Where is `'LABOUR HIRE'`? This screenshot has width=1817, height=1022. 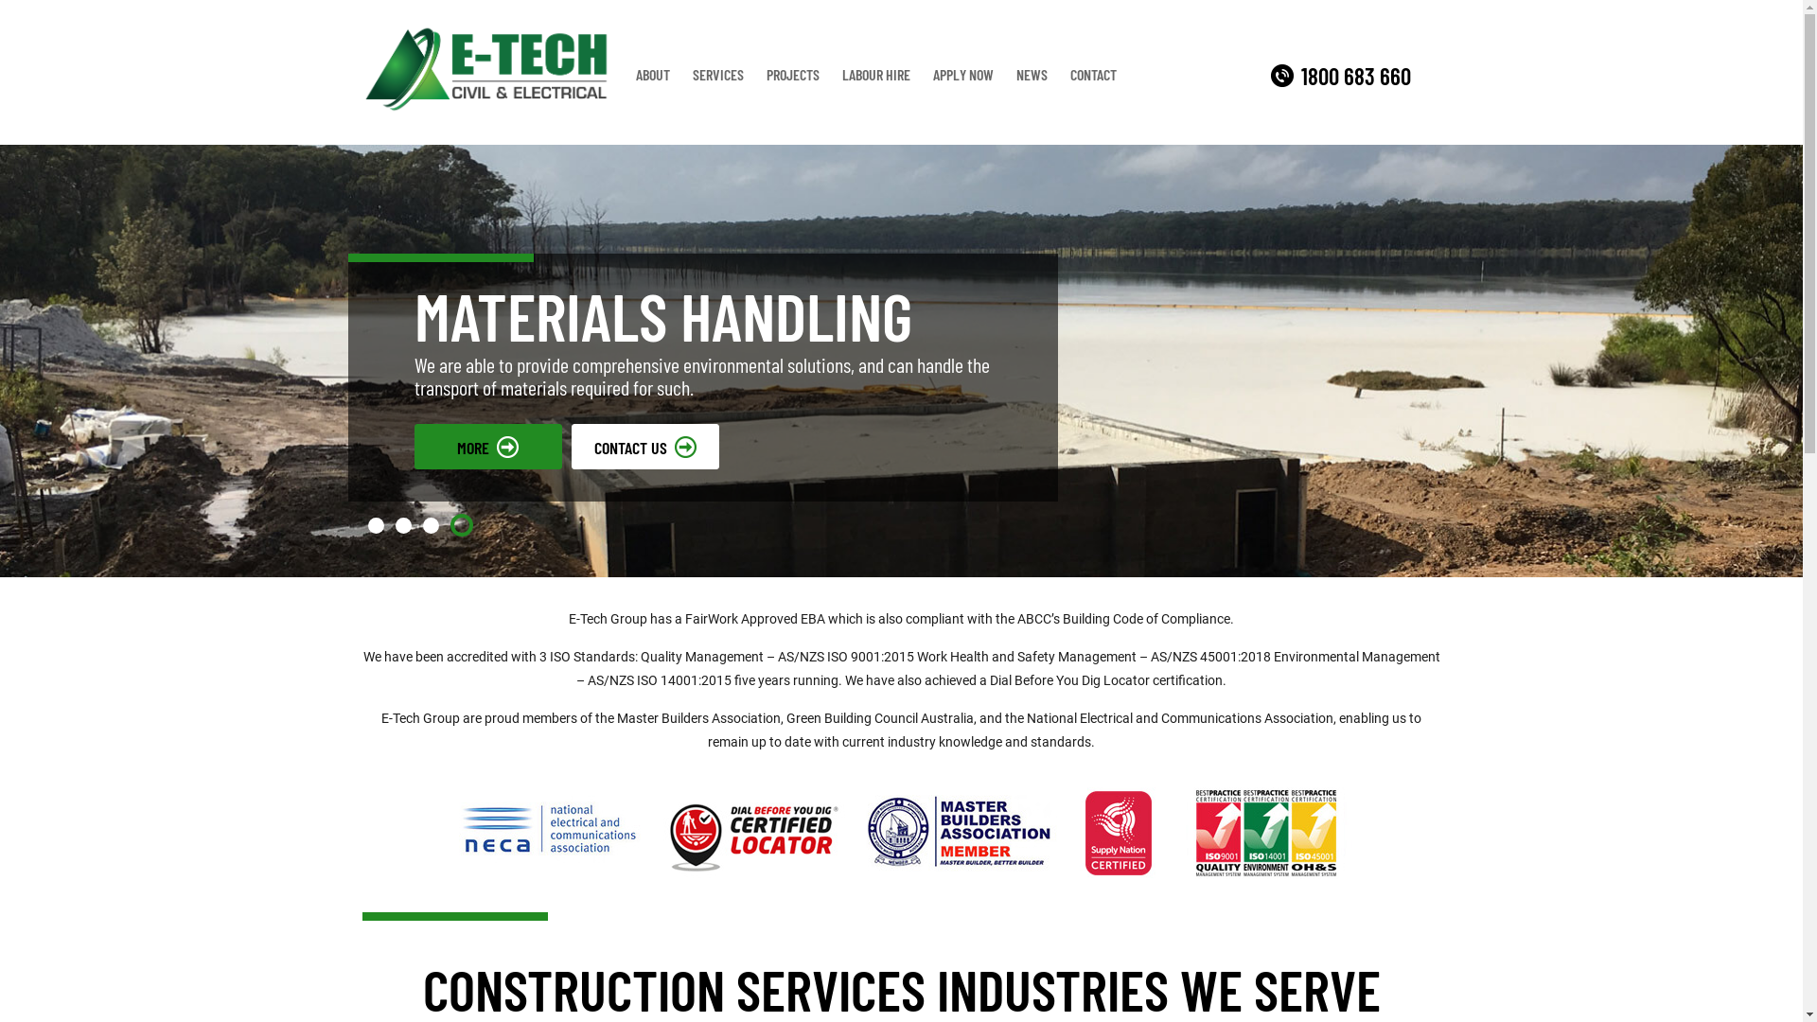
'LABOUR HIRE' is located at coordinates (875, 73).